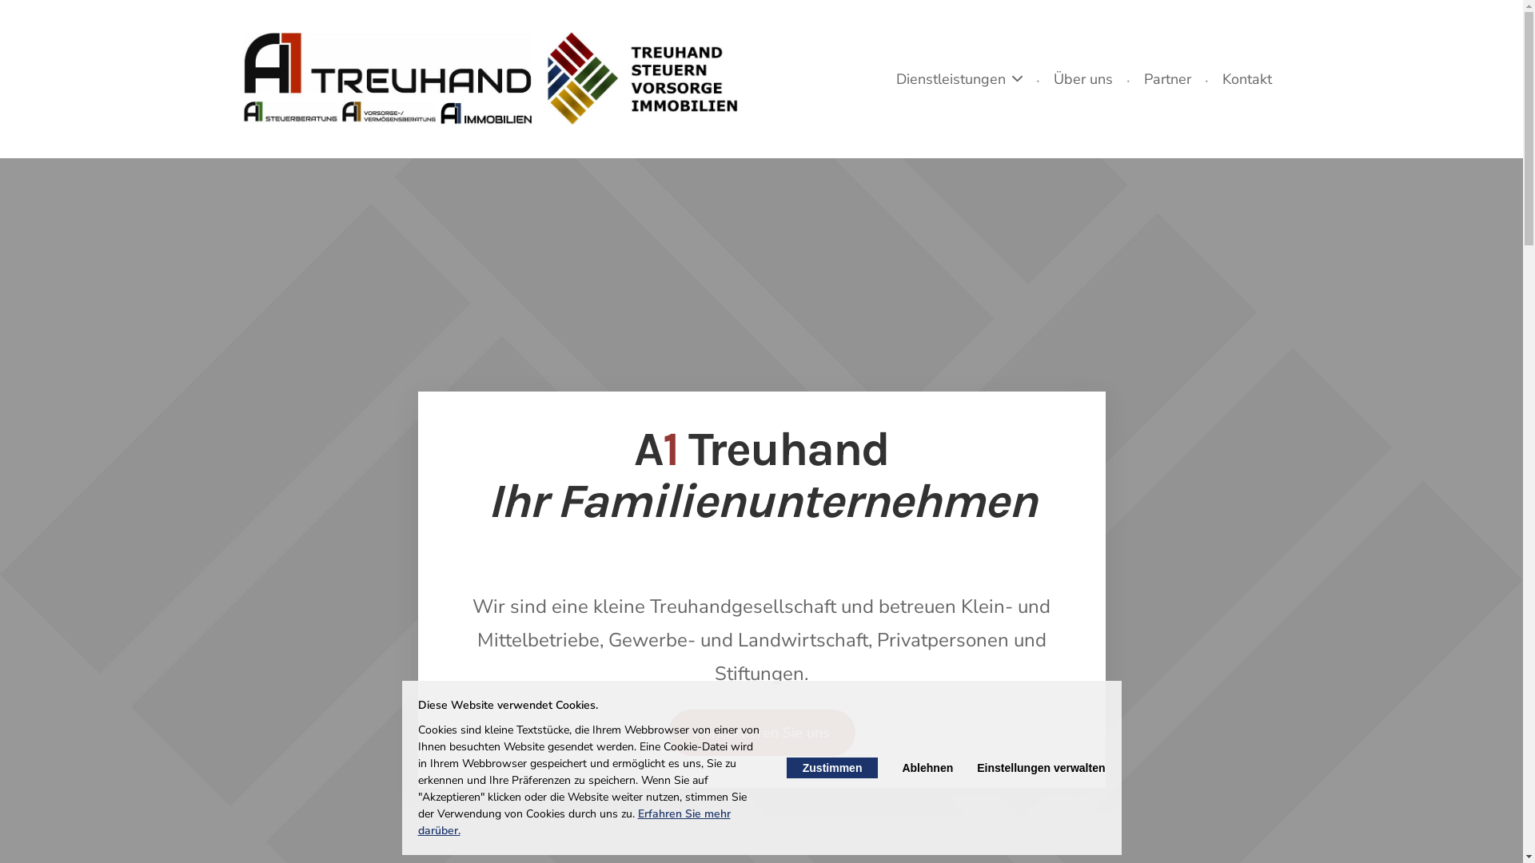 Image resolution: width=1535 pixels, height=863 pixels. What do you see at coordinates (1134, 79) in the screenshot?
I see `'Partner'` at bounding box center [1134, 79].